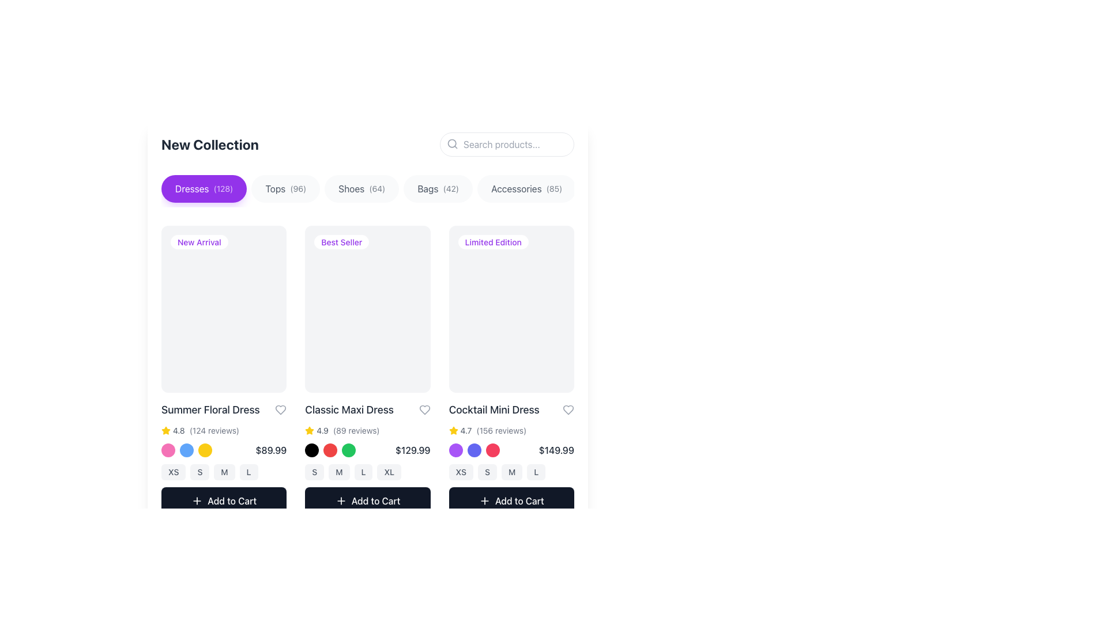  I want to click on the circular black icon, which is the first item in a row of three circular elements located beneath the 'Classic Maxi Dress' item, so click(312, 449).